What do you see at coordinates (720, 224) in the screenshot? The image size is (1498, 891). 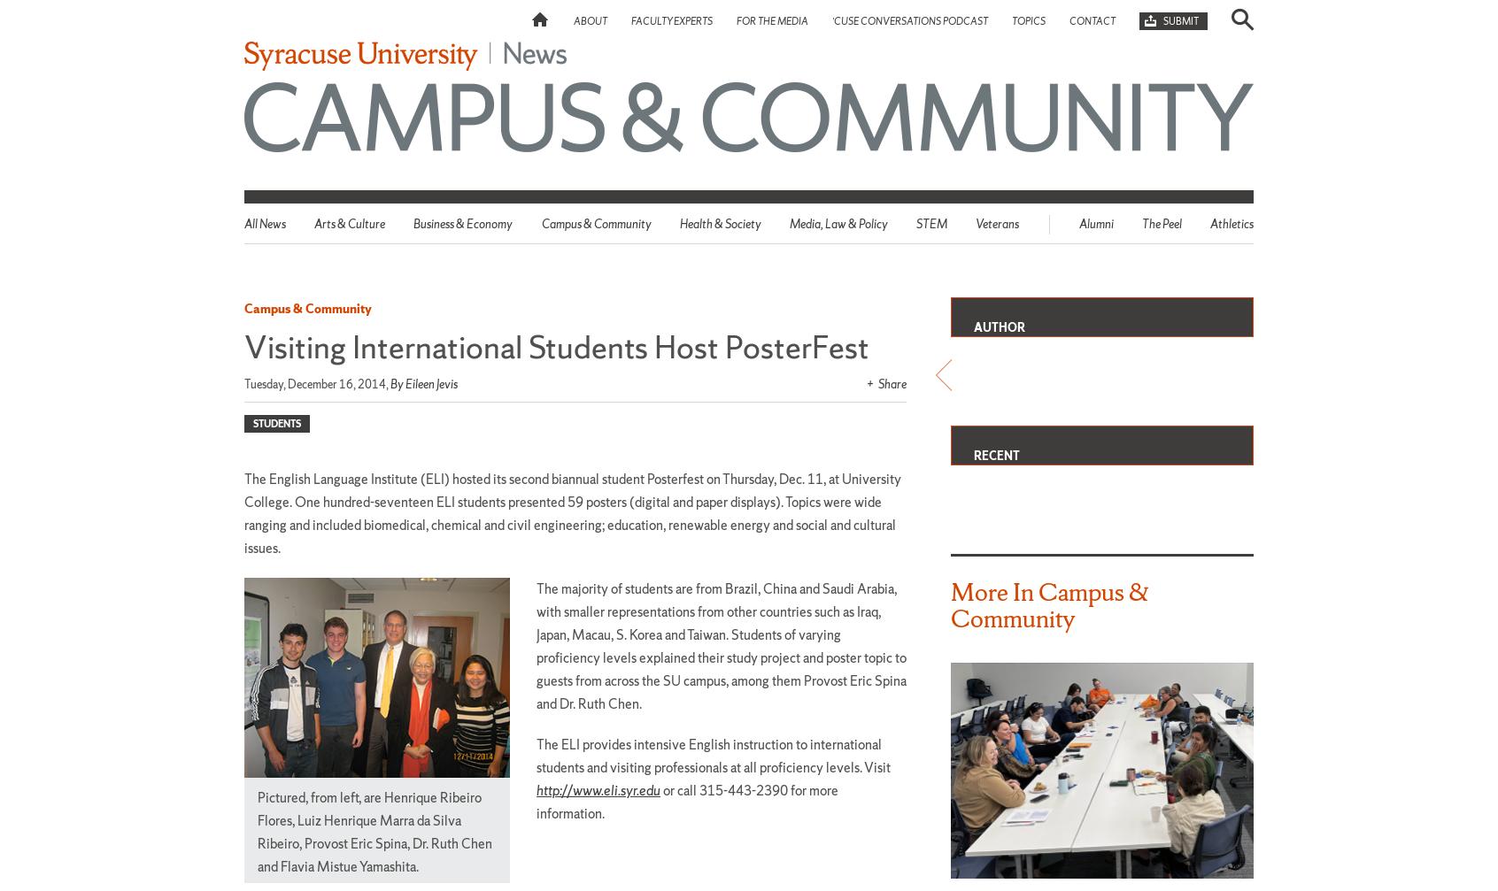 I see `'Health & Society'` at bounding box center [720, 224].